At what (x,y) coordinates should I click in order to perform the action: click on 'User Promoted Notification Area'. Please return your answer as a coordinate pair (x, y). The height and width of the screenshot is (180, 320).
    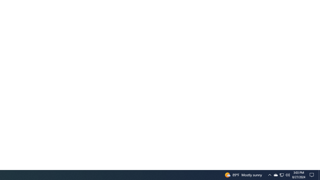
    Looking at the image, I should click on (275, 174).